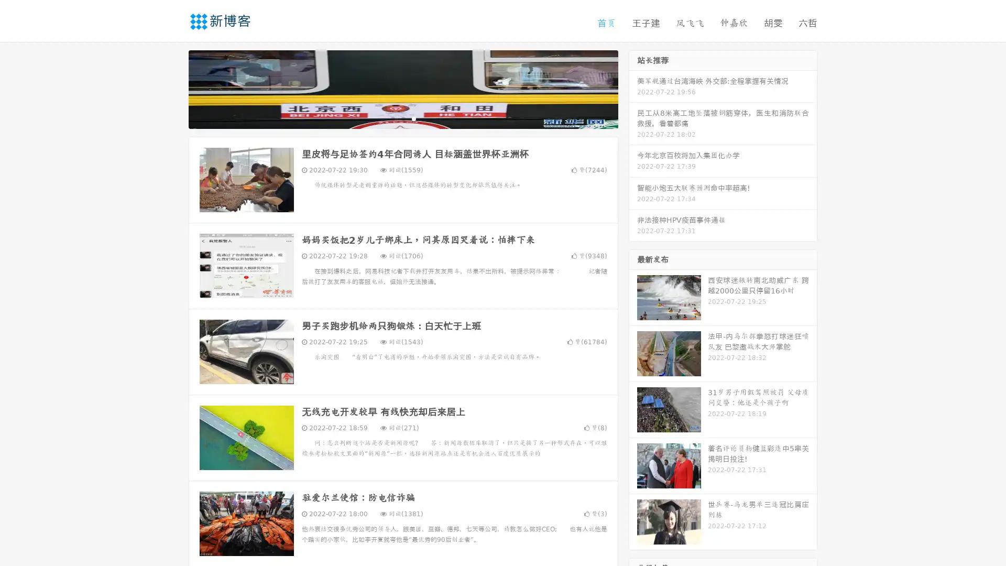 The width and height of the screenshot is (1006, 566). Describe the element at coordinates (633, 88) in the screenshot. I see `Next slide` at that location.